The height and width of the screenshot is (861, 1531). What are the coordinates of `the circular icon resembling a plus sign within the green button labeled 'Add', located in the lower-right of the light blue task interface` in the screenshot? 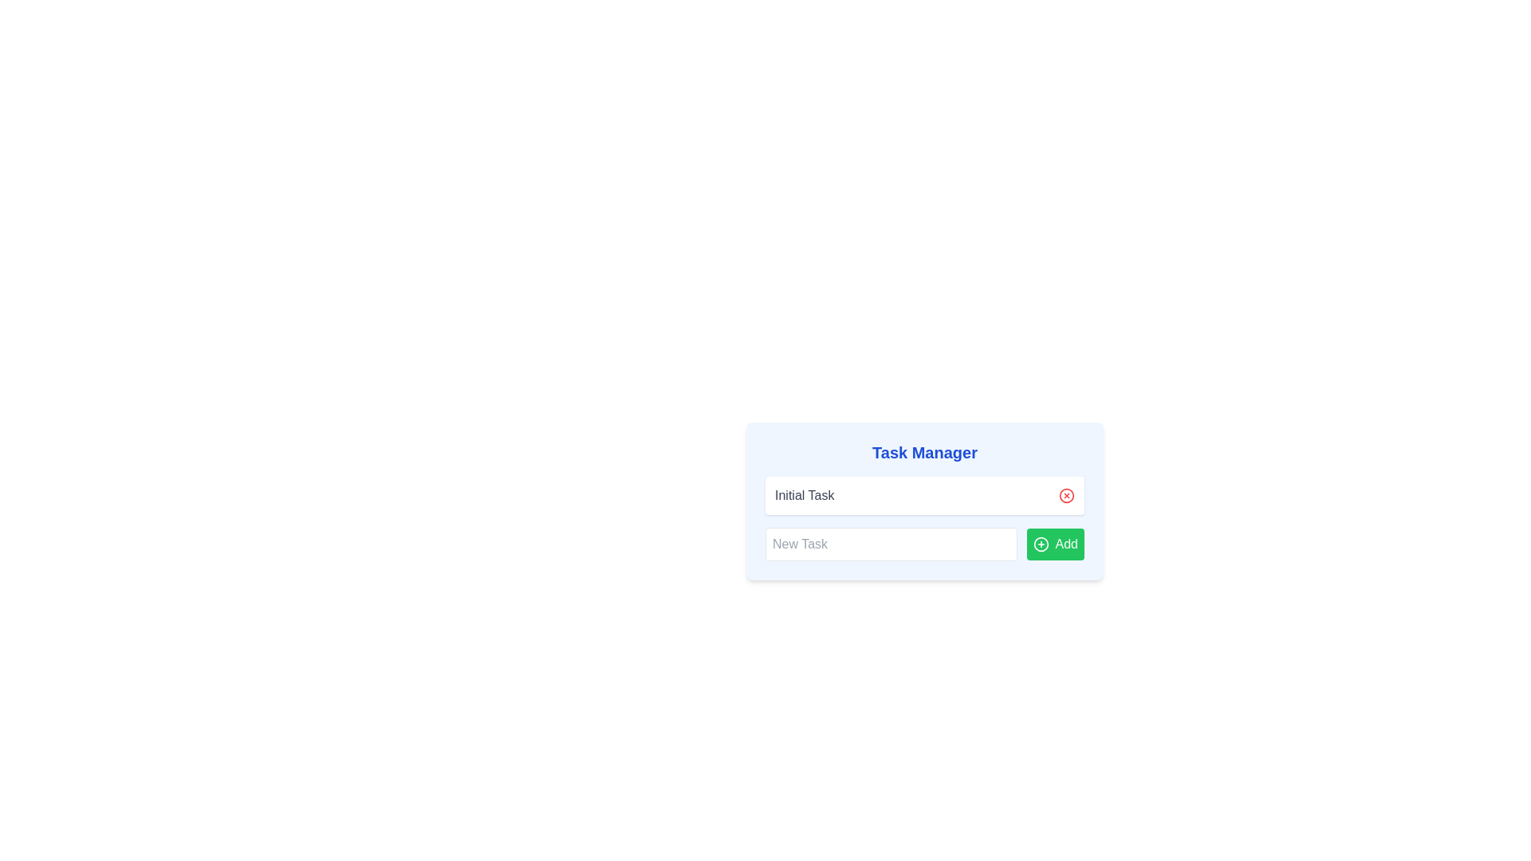 It's located at (1041, 543).